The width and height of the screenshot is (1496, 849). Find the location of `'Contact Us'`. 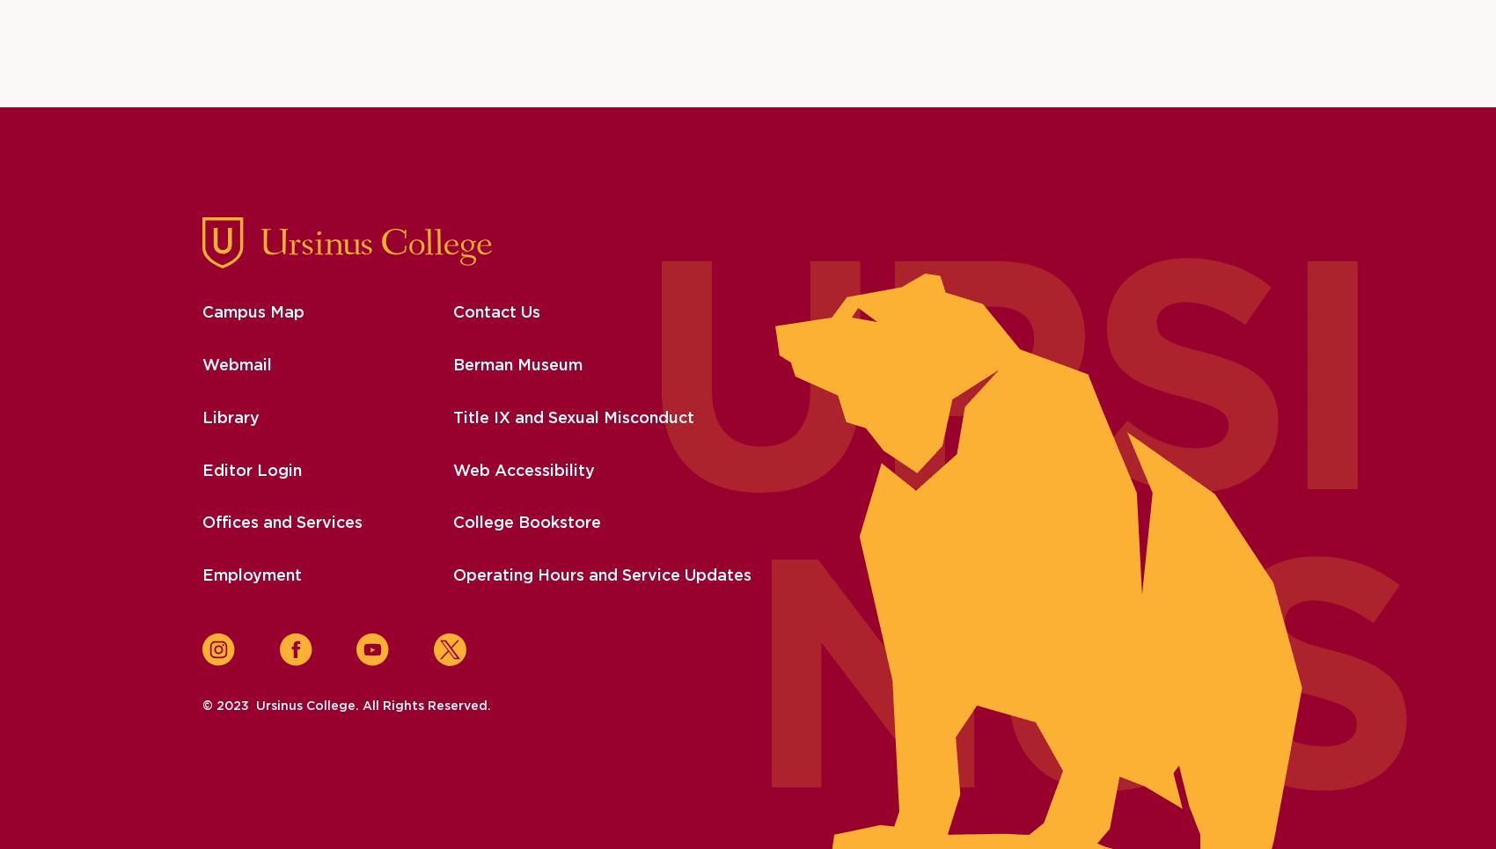

'Contact Us' is located at coordinates (452, 312).